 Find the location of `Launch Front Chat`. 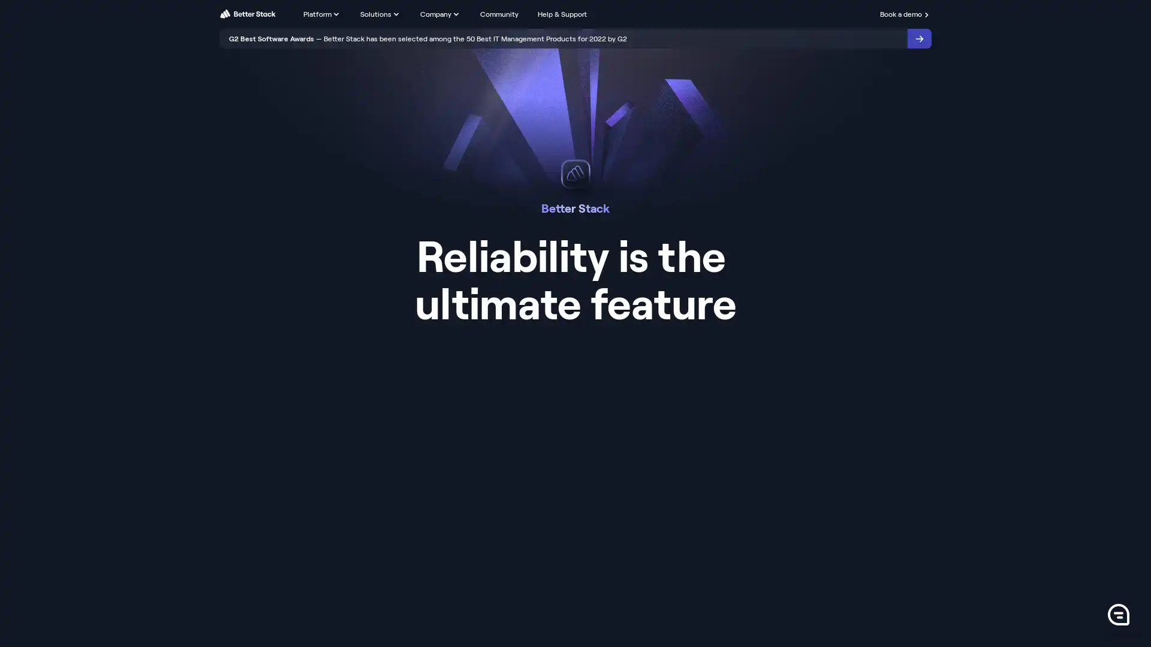

Launch Front Chat is located at coordinates (1118, 615).